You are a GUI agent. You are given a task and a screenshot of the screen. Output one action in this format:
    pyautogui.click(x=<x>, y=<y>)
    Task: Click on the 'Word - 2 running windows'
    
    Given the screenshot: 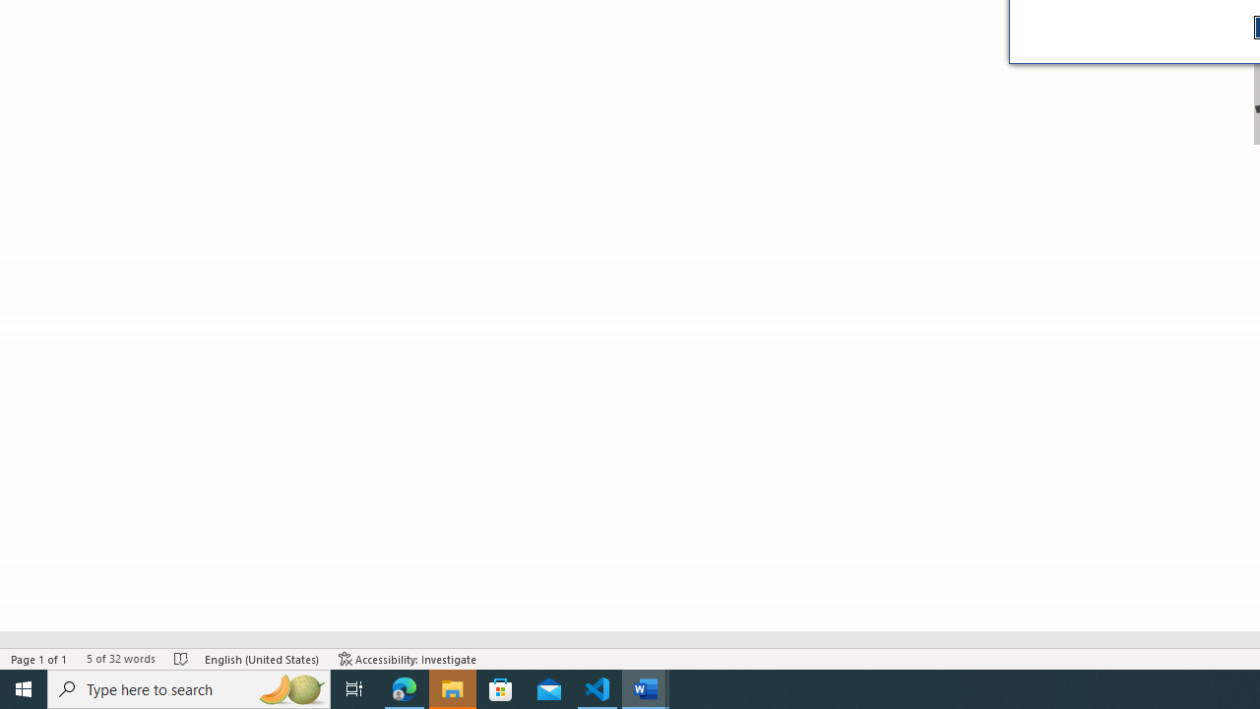 What is the action you would take?
    pyautogui.click(x=646, y=687)
    